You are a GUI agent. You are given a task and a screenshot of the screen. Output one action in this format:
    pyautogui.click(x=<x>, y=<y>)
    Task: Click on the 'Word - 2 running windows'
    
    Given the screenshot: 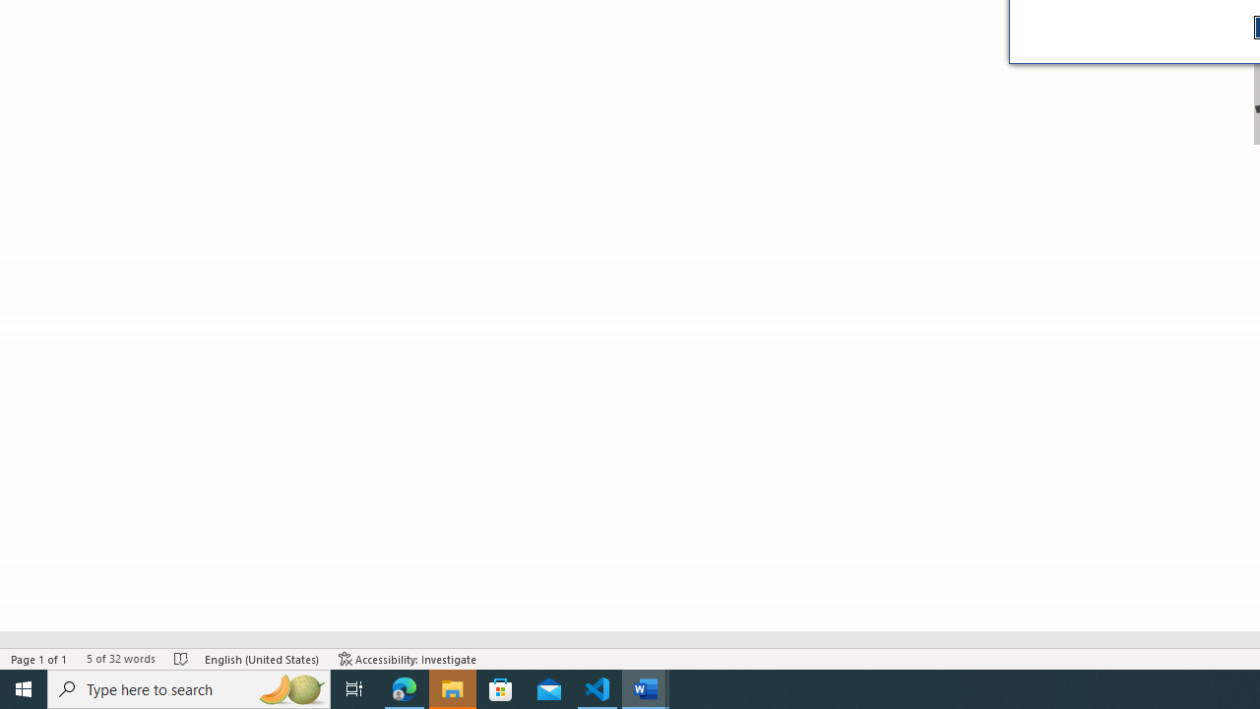 What is the action you would take?
    pyautogui.click(x=646, y=687)
    